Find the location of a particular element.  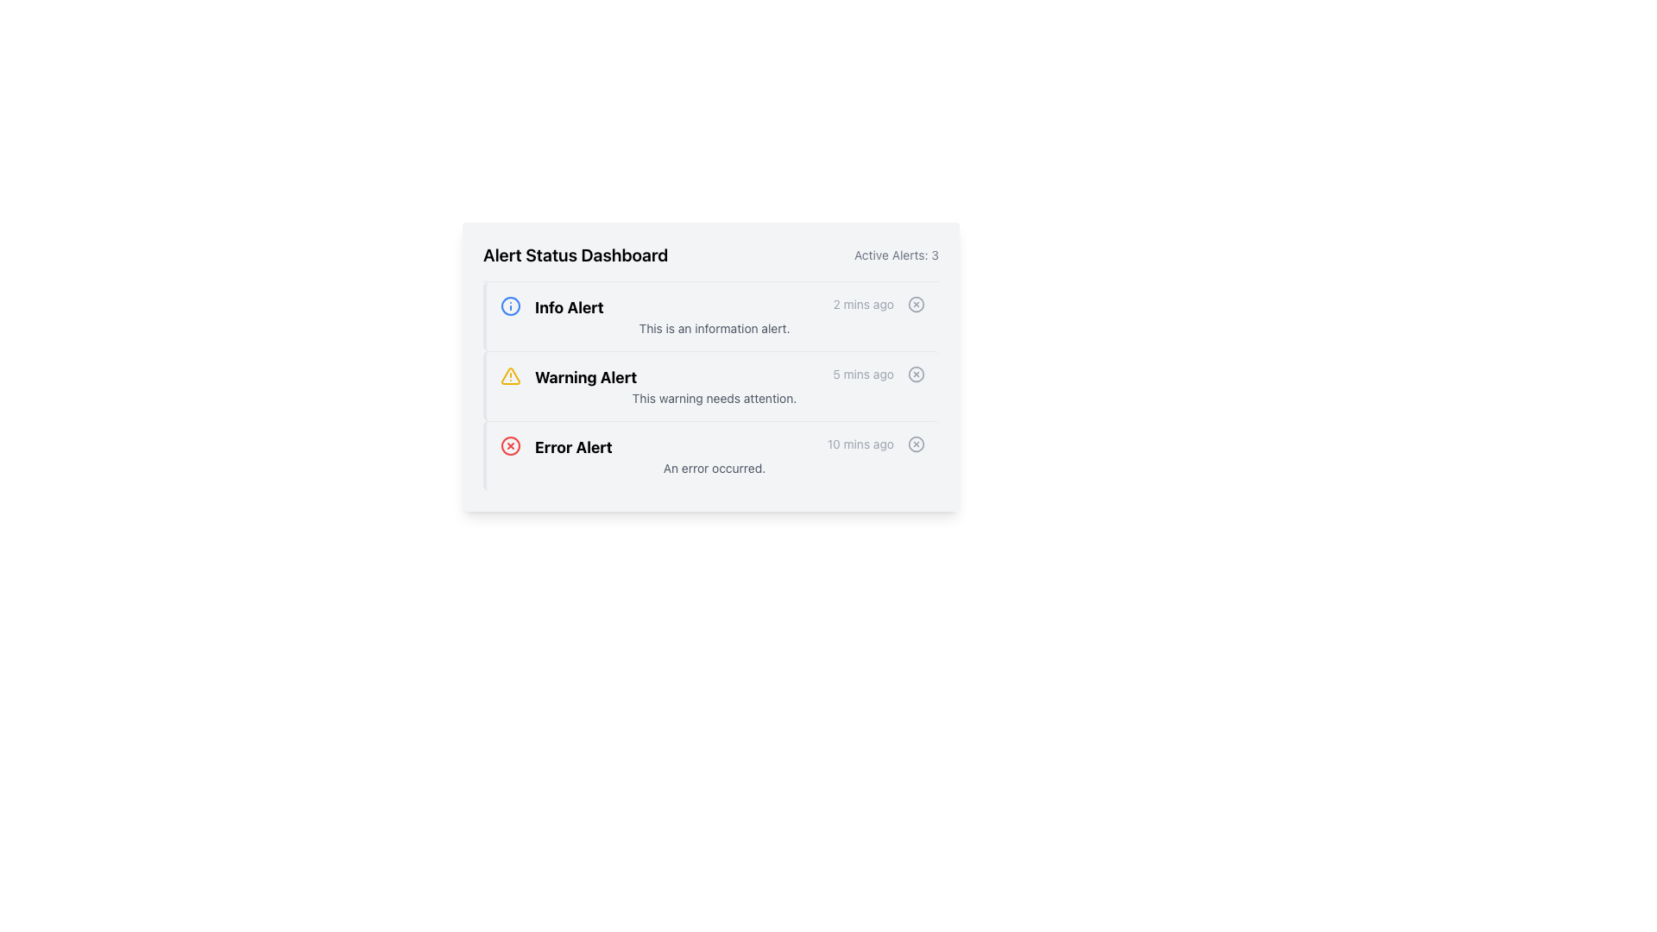

the circular icon with a blue border that is positioned to the left of the 'Info Alert' text in the top row of the alert listing is located at coordinates (509, 305).